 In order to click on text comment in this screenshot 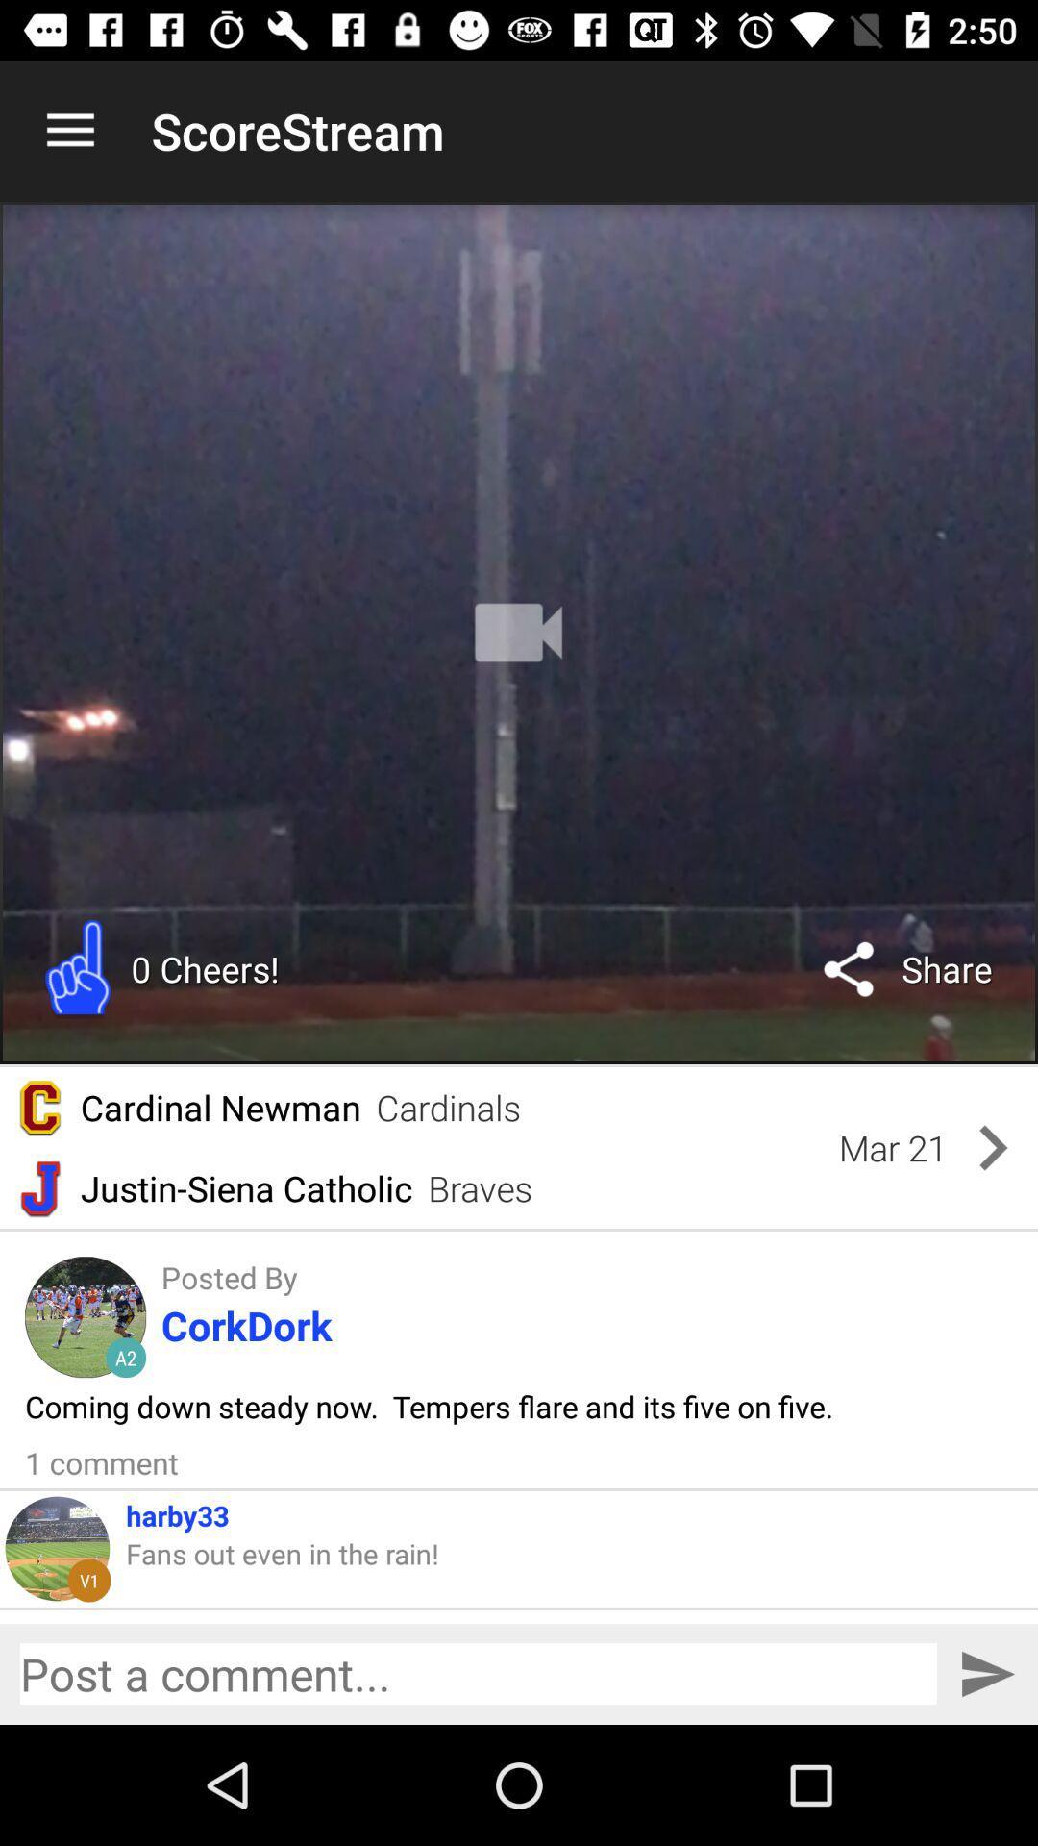, I will do `click(477, 1673)`.